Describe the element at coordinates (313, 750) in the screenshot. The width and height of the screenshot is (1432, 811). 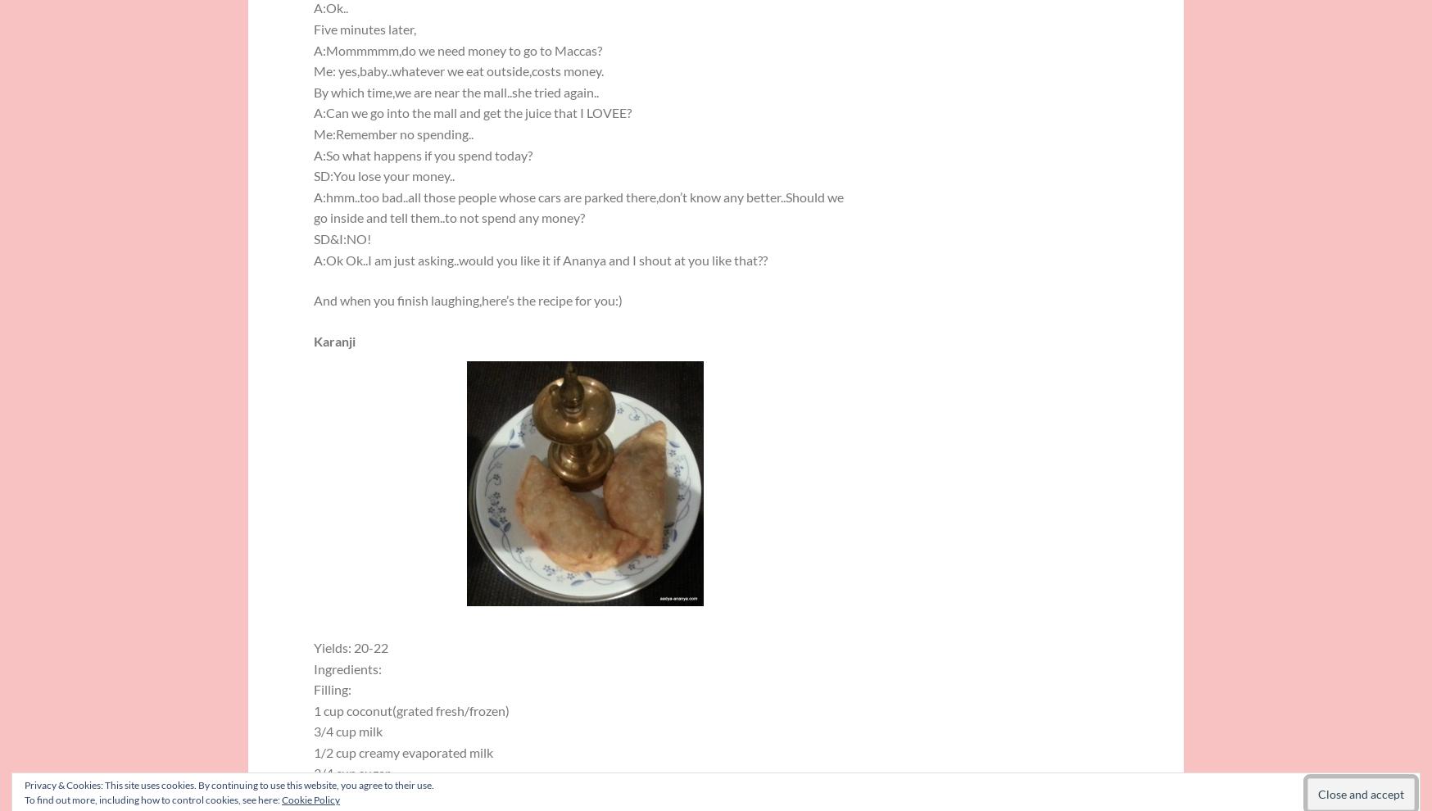
I see `'1/2 cup creamy evaporated milk'` at that location.